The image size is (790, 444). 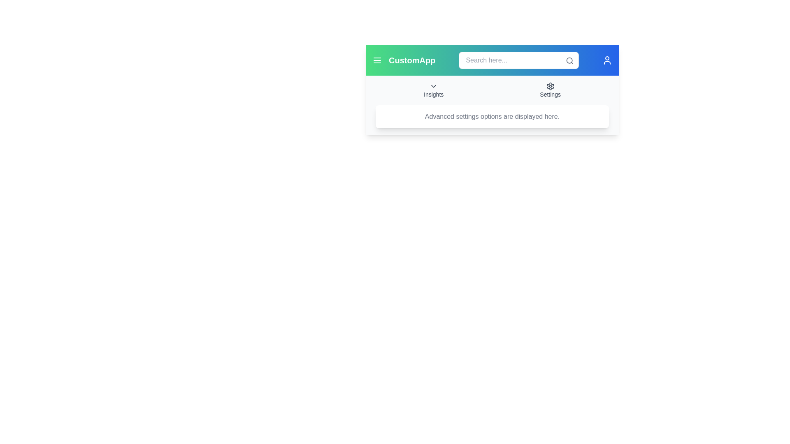 I want to click on the Dropdown toggle/button located centrally on the upper part of the interface, so click(x=433, y=90).